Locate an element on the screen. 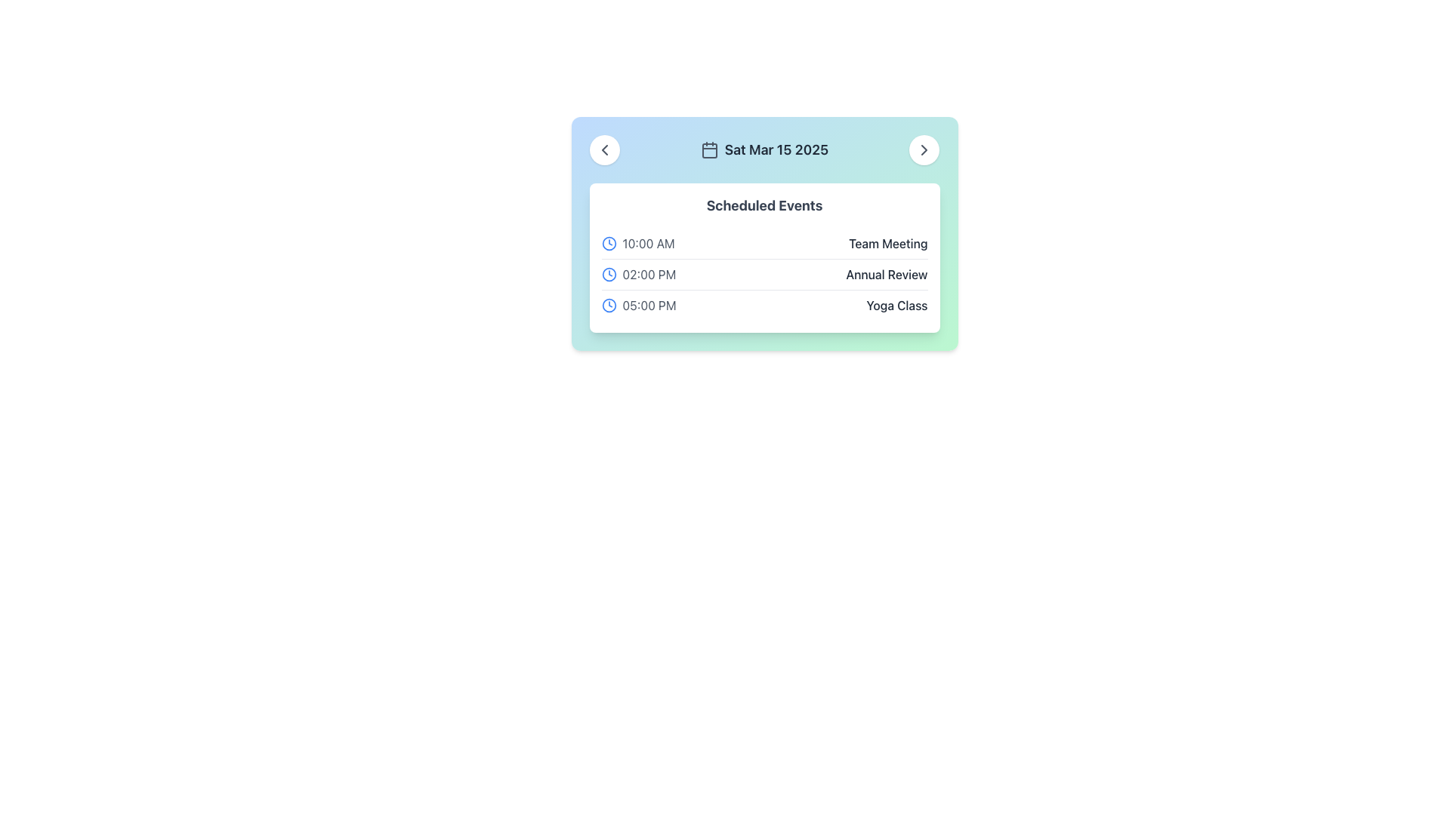 This screenshot has width=1450, height=815. the center of the left-pointing chevron icon within its circular button is located at coordinates (604, 150).